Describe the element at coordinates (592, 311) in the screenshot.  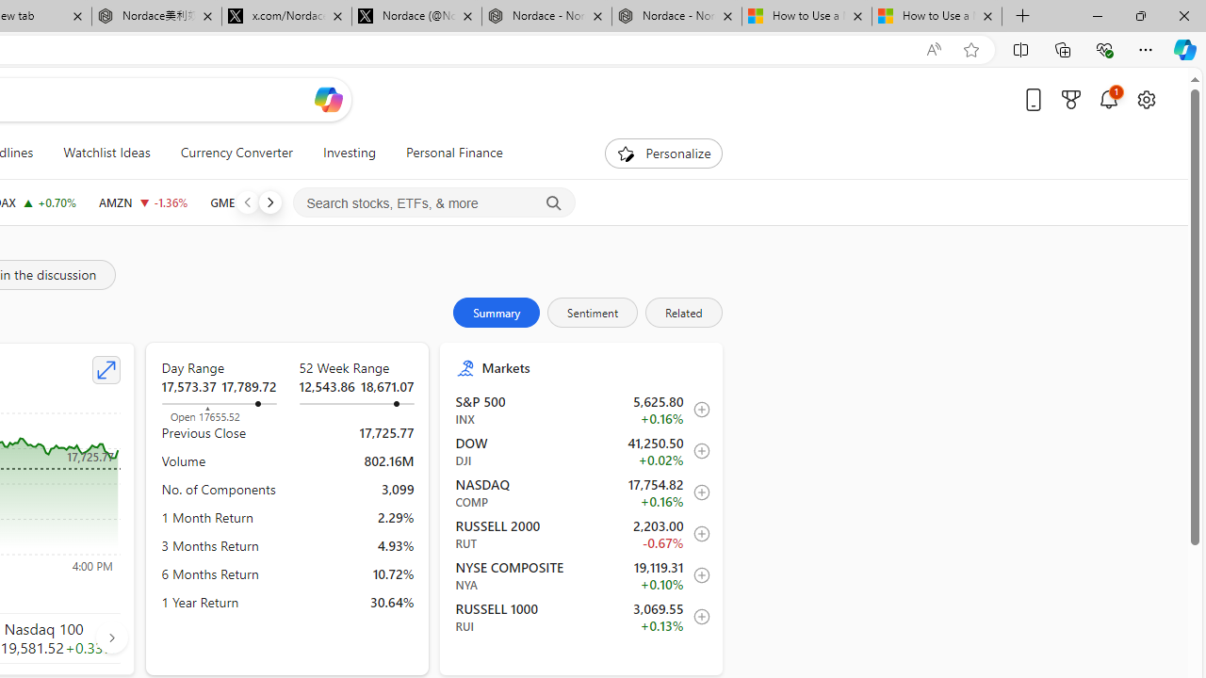
I see `'Sentiment'` at that location.